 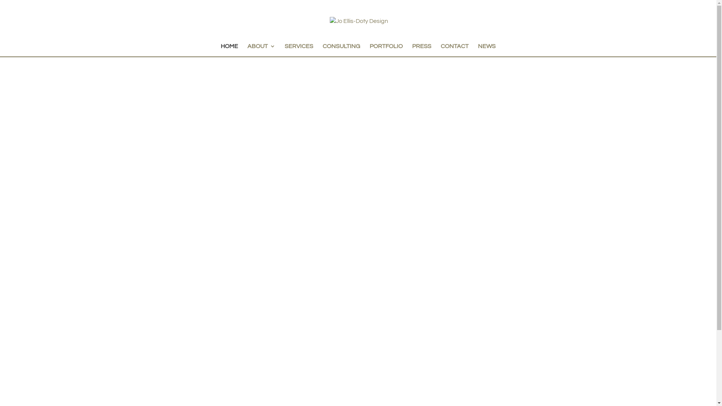 What do you see at coordinates (247, 50) in the screenshot?
I see `'ABOUT'` at bounding box center [247, 50].